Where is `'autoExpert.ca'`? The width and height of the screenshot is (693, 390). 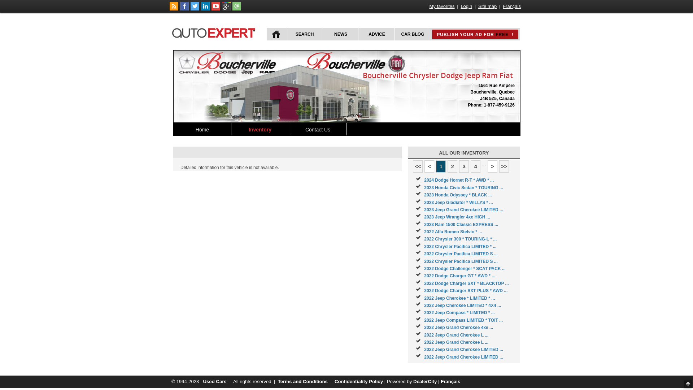 'autoExpert.ca' is located at coordinates (214, 31).